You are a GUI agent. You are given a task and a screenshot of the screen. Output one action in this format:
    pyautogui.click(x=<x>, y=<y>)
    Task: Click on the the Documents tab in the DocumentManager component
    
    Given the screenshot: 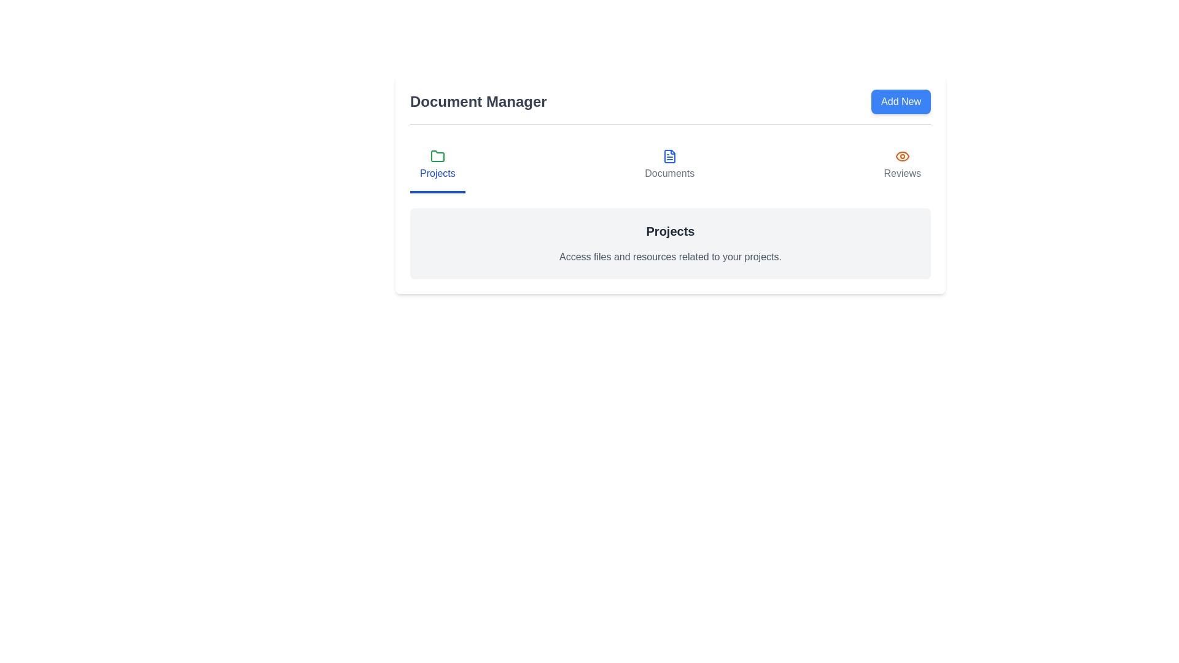 What is the action you would take?
    pyautogui.click(x=669, y=166)
    